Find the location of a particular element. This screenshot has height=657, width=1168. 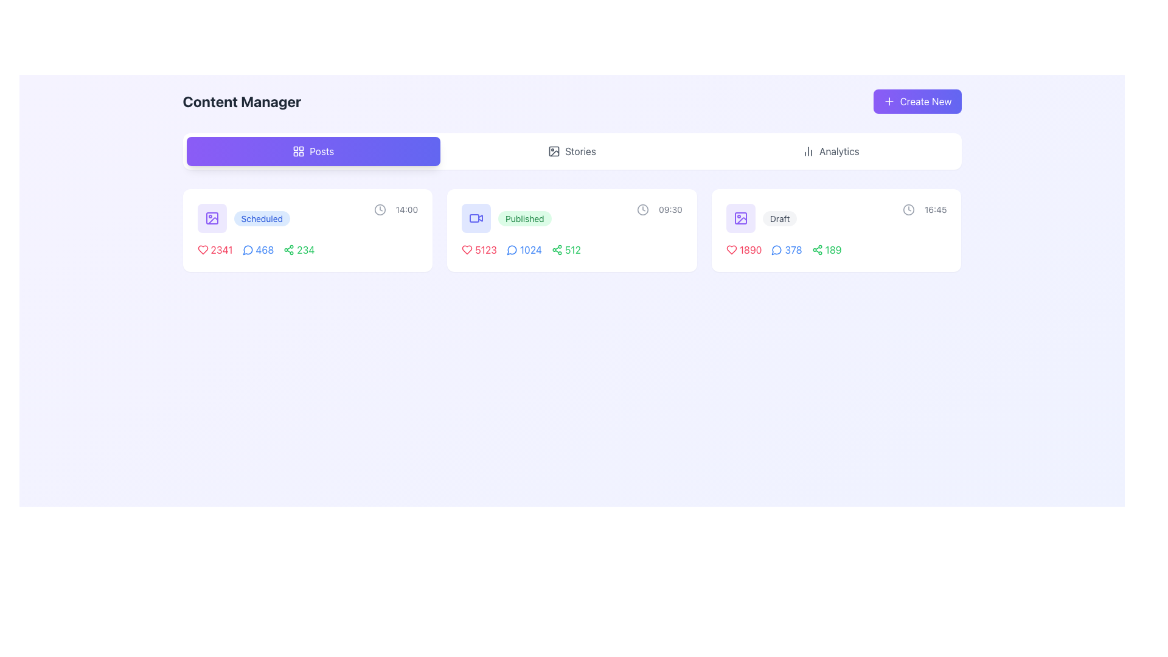

the square icon with a violet background and rounded corners that contains an outlined image icon in purple, located to the left of the 'Scheduled' label is located at coordinates (212, 217).